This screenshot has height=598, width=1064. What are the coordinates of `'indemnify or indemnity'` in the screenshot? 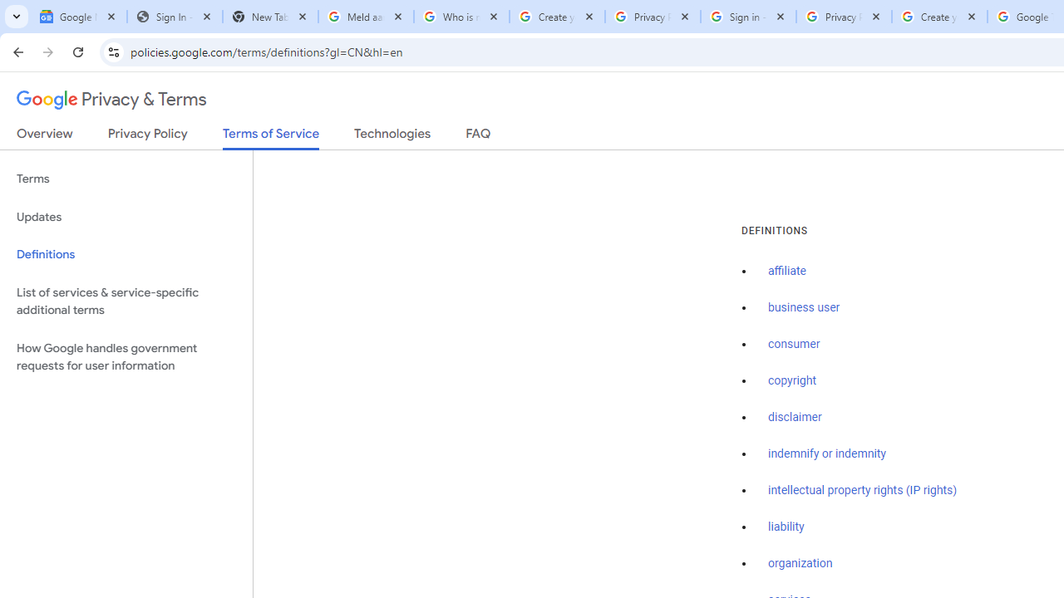 It's located at (827, 453).